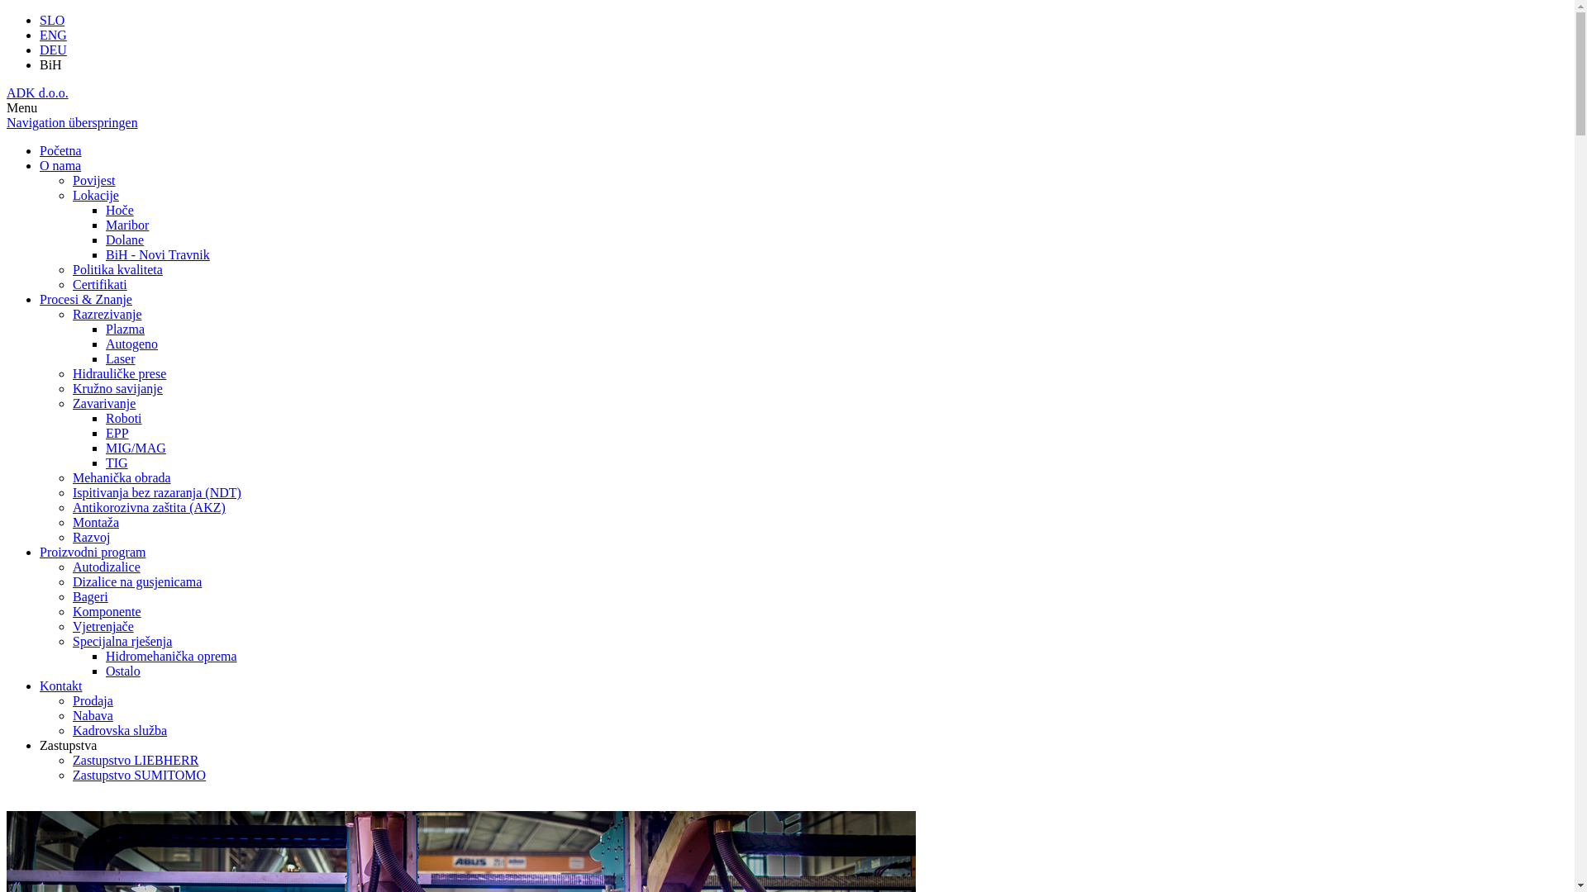 This screenshot has width=1587, height=892. I want to click on 'TIG', so click(105, 463).